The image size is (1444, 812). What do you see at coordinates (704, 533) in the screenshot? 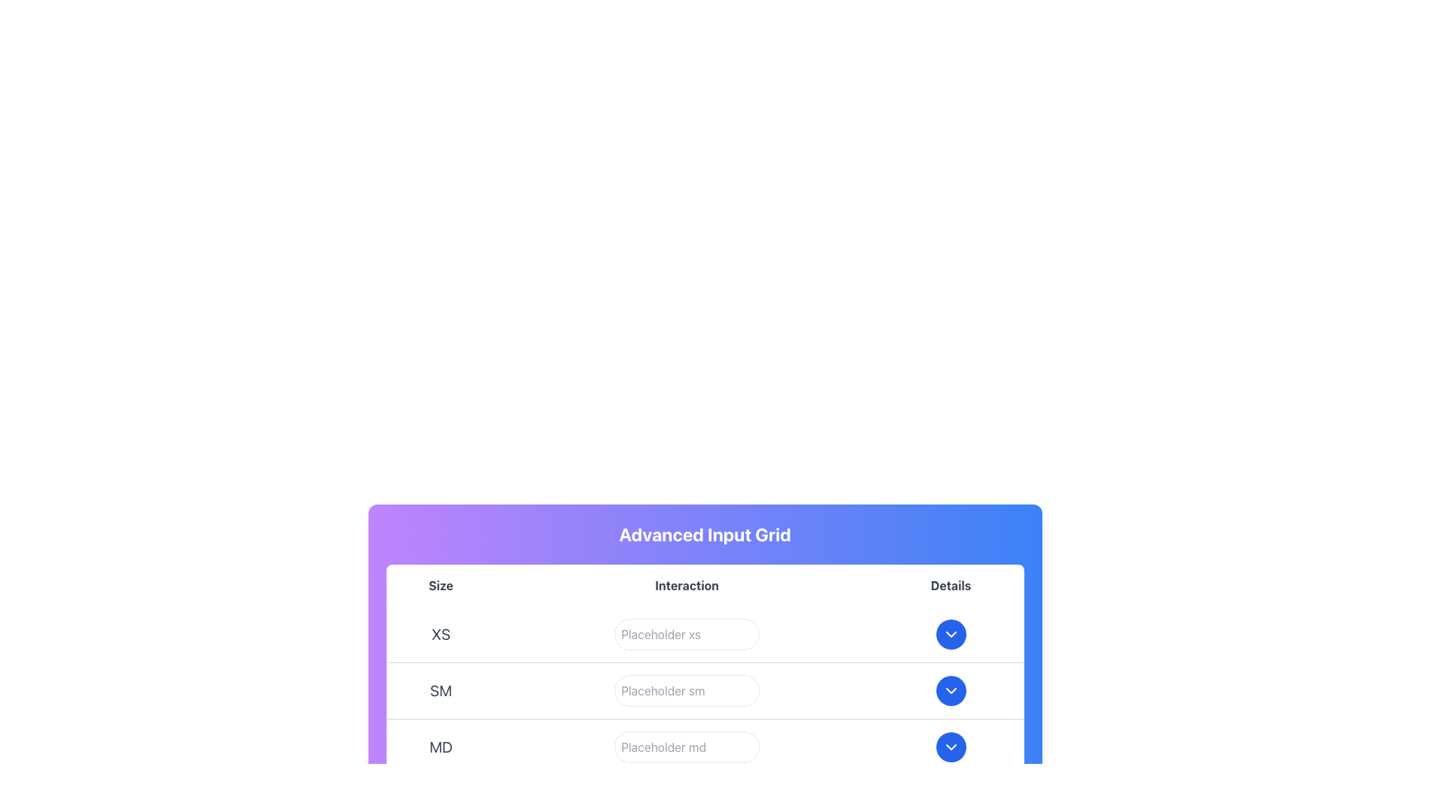
I see `the text label displaying 'Advanced Input Grid', which is styled in bold, large white font and centered within a gradient background` at bounding box center [704, 533].